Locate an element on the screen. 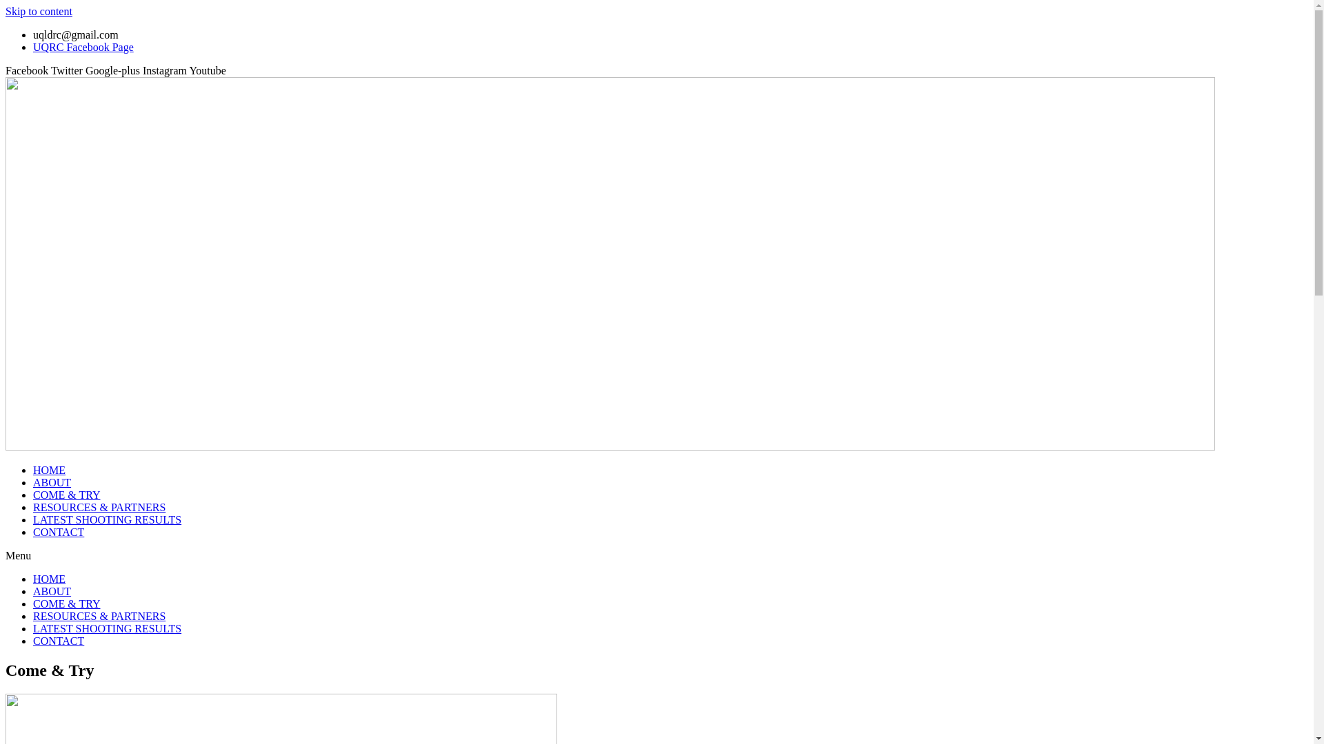 This screenshot has width=1324, height=744. 'HOME' is located at coordinates (49, 469).